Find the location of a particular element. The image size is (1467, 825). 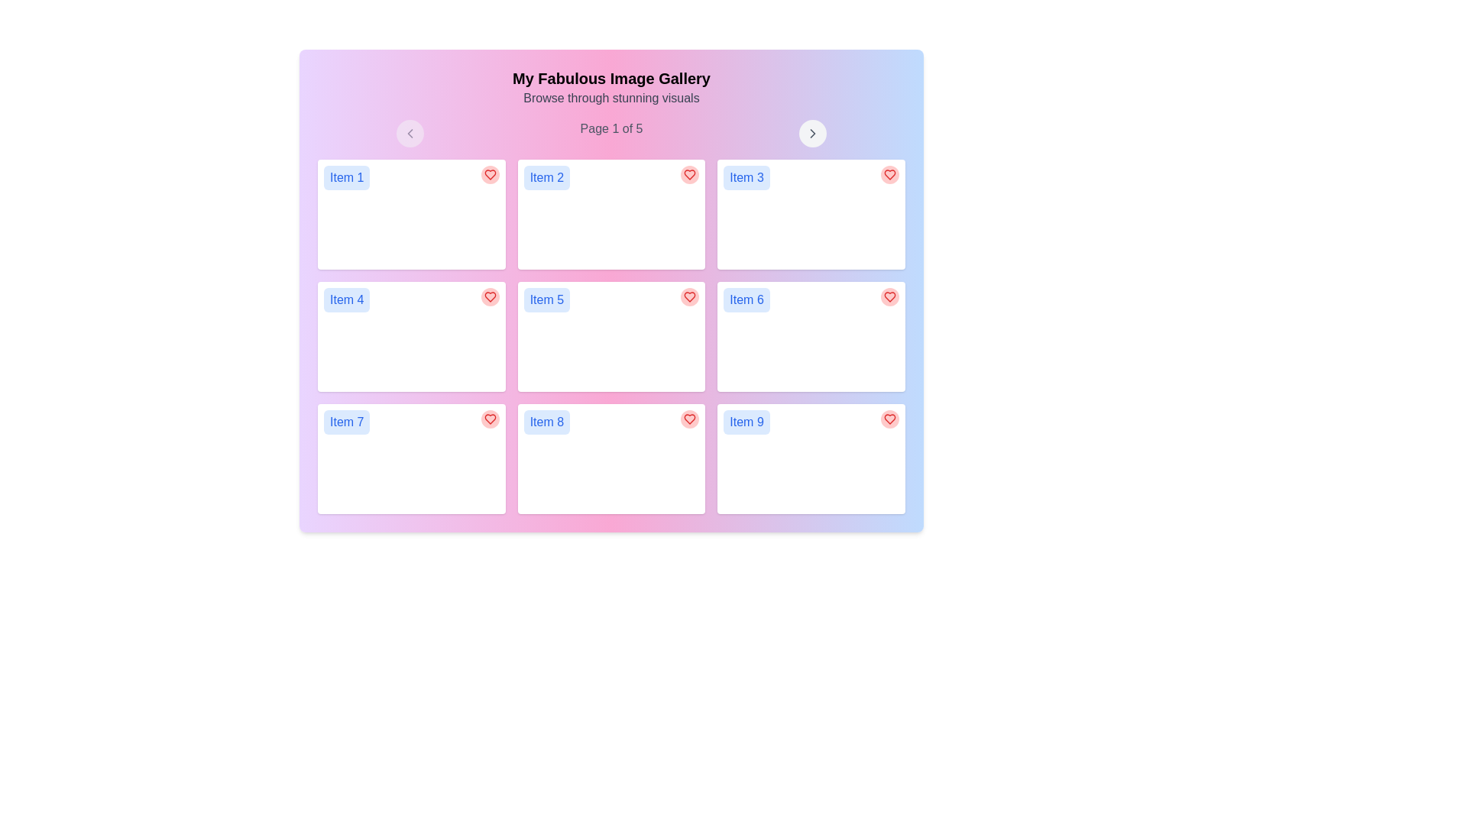

the heart-shaped 'Favorite' indicator icon located at the top-right corner of the box labeled 'Item 5' is located at coordinates (689, 297).